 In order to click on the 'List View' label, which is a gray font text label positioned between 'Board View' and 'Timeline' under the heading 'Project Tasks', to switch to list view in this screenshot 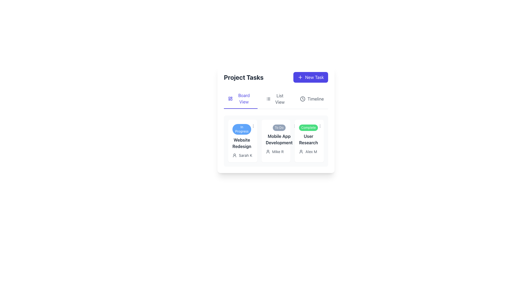, I will do `click(276, 99)`.